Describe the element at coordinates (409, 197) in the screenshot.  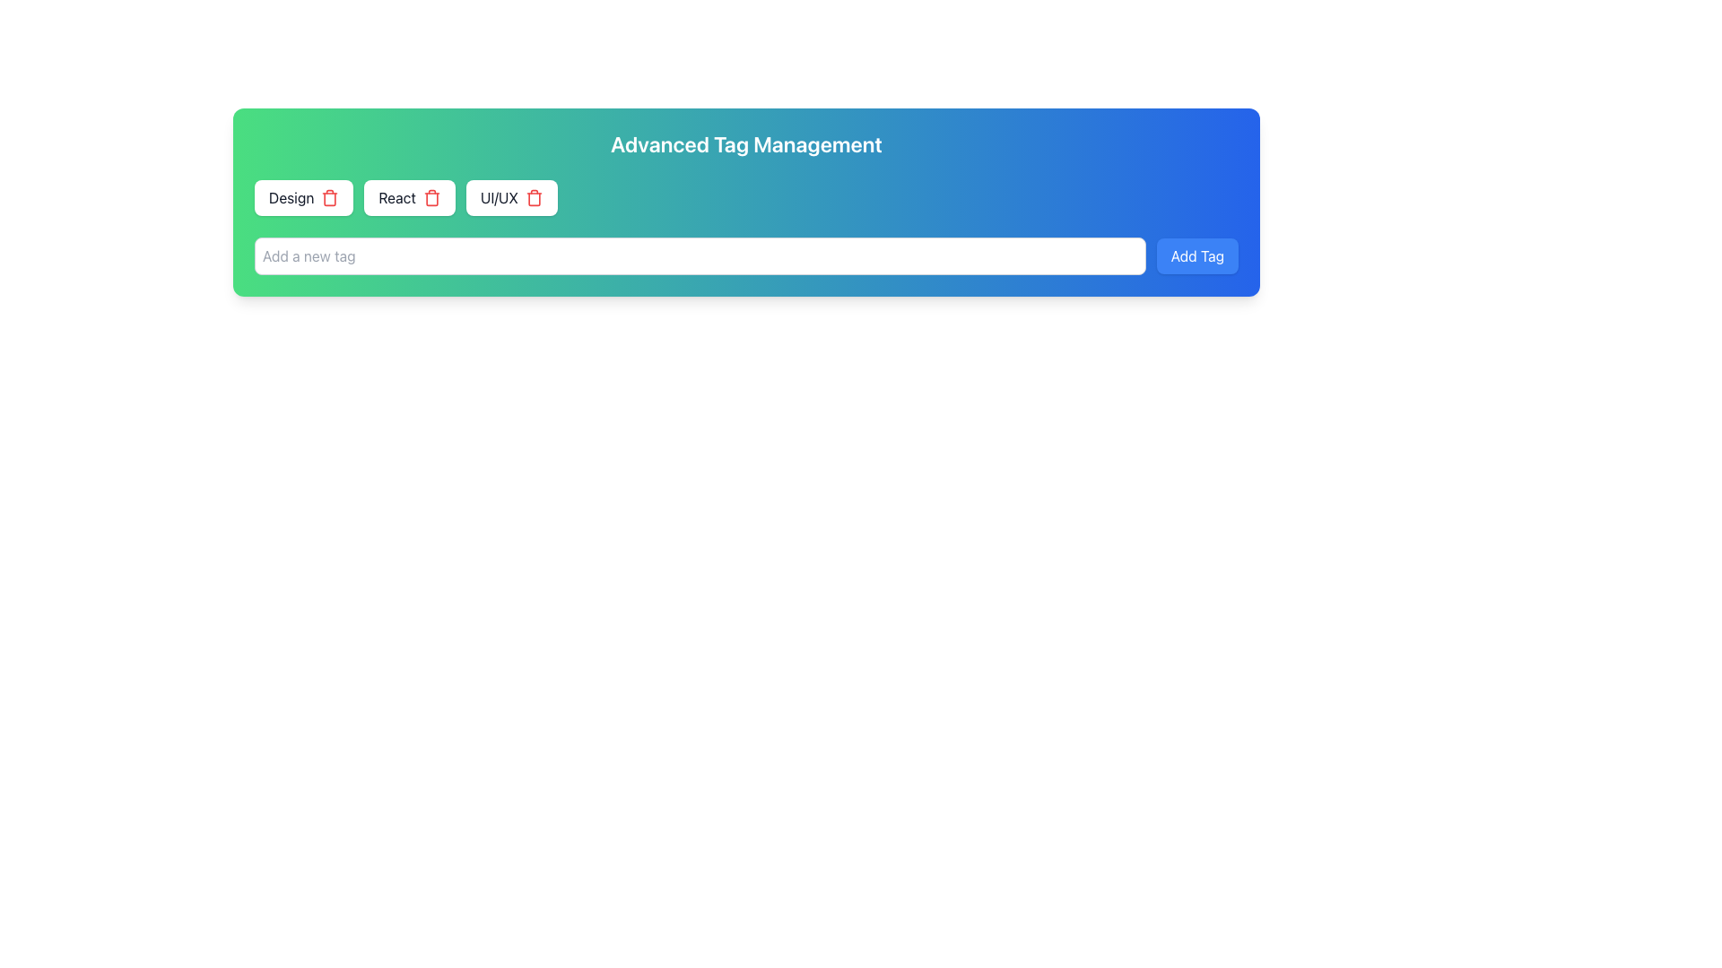
I see `the 'React' button` at that location.